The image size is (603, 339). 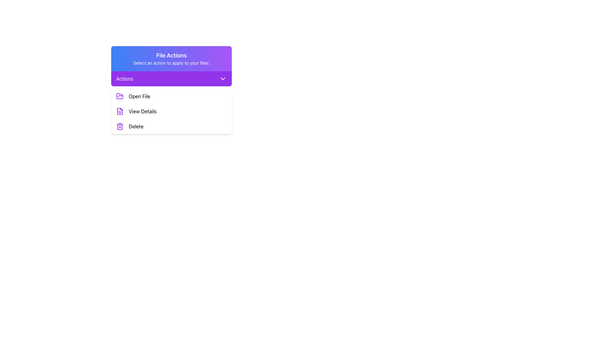 What do you see at coordinates (171, 90) in the screenshot?
I see `the Multi-option selection panel that contains a dropdown menu and three options: 'Open File', 'View Details', and 'Delete'` at bounding box center [171, 90].